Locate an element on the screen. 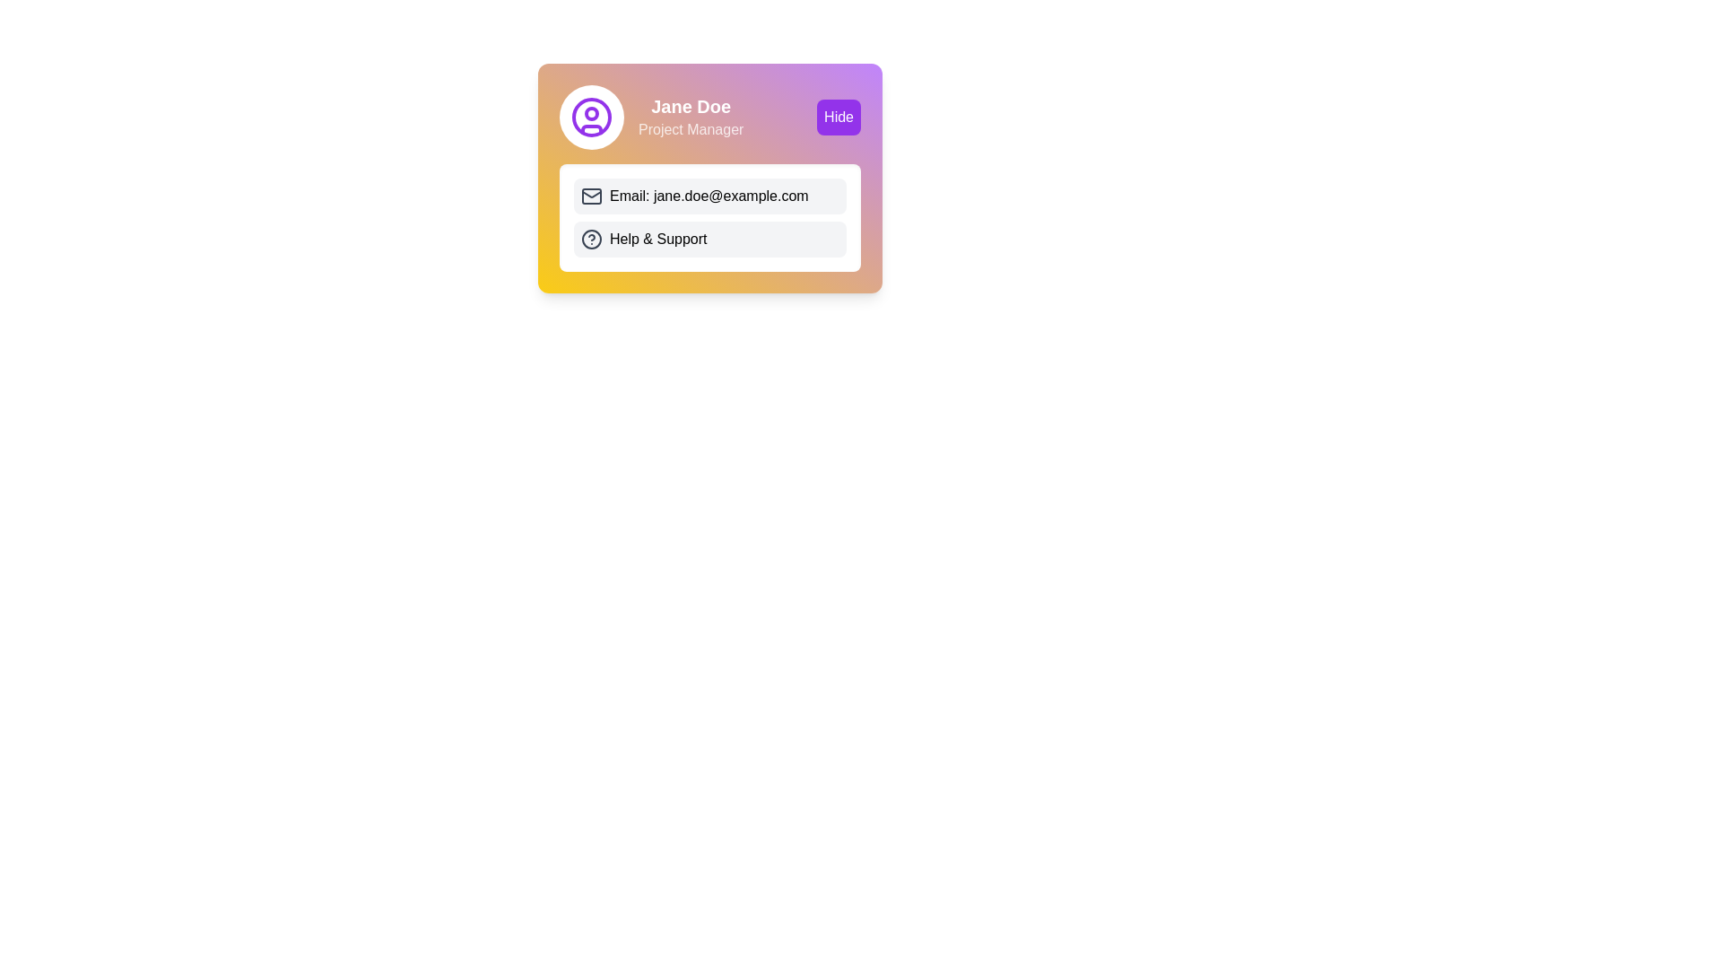  the interactive button in the top-right corner of the profile card for Jane Doe, which is intended to hide or collapse the profile details is located at coordinates (838, 118).